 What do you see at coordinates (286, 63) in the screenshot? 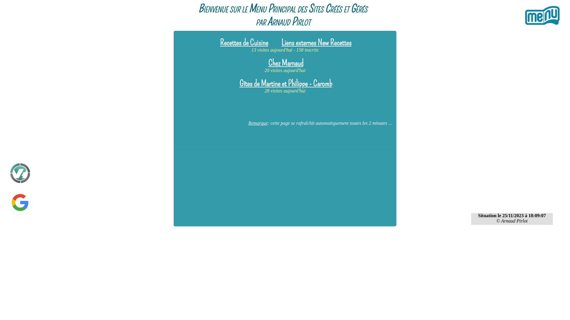
I see `'Chez Marnaud'` at bounding box center [286, 63].